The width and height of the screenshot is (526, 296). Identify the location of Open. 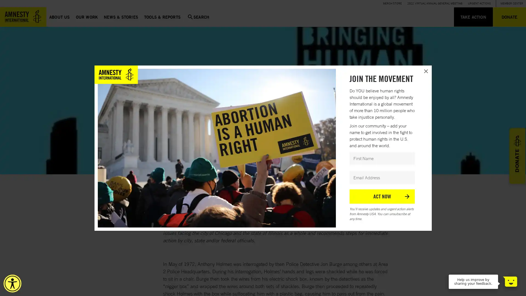
(510, 281).